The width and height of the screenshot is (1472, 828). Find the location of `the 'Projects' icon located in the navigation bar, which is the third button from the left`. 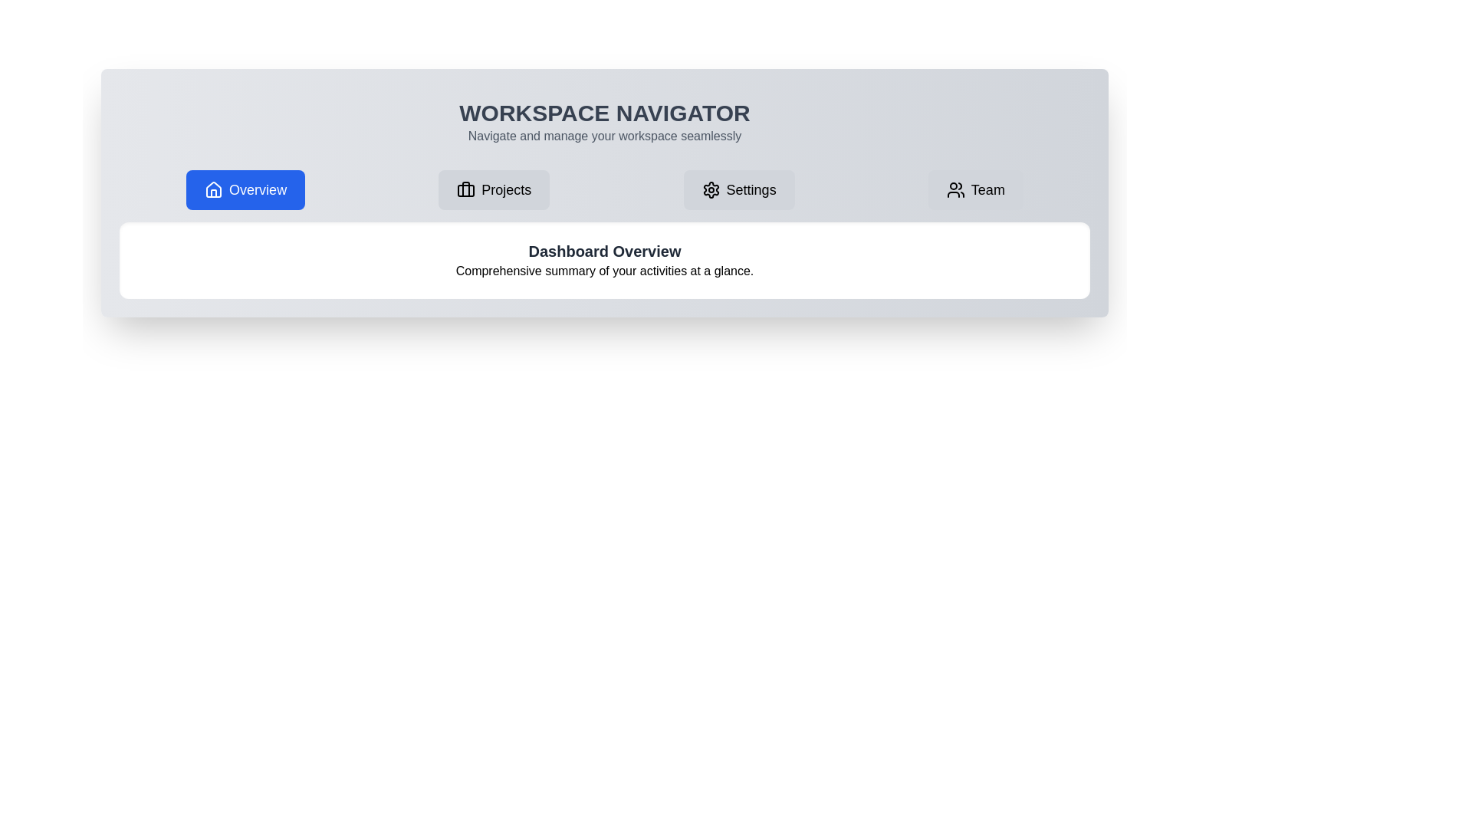

the 'Projects' icon located in the navigation bar, which is the third button from the left is located at coordinates (465, 189).